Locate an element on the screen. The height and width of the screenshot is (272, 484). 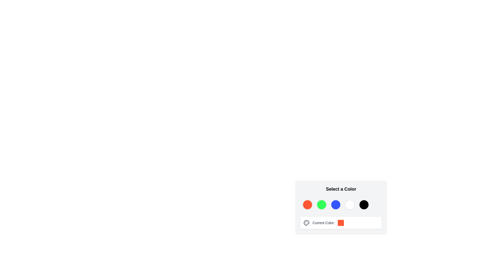
the first circular button in the color selection palette is located at coordinates (307, 205).